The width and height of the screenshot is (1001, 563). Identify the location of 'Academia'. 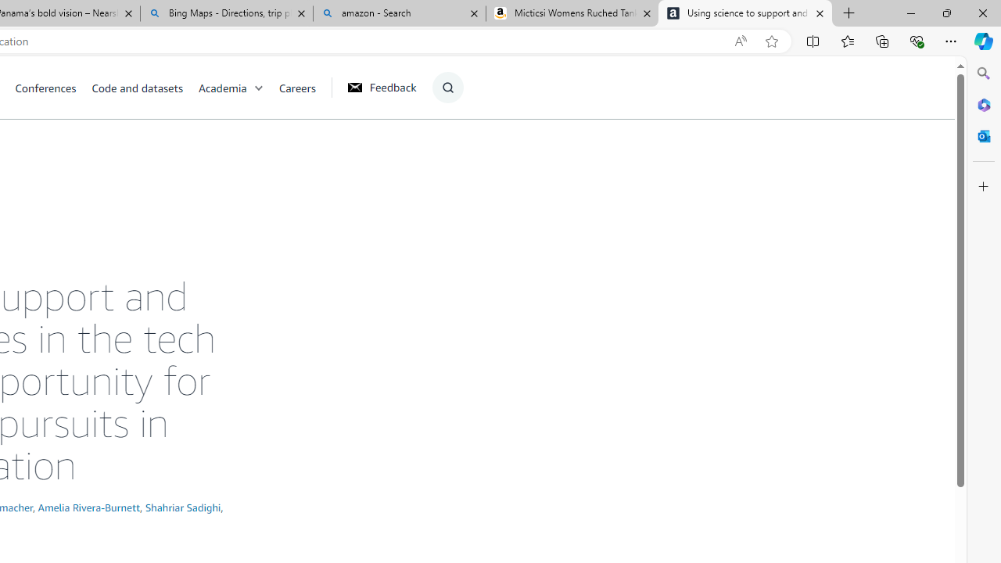
(221, 87).